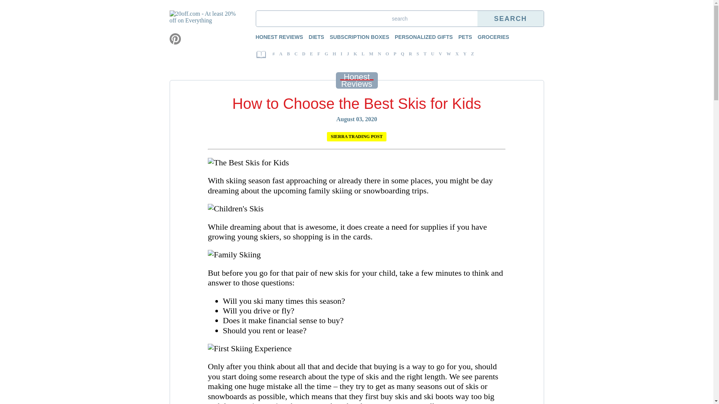 Image resolution: width=719 pixels, height=404 pixels. I want to click on 'L', so click(359, 53).